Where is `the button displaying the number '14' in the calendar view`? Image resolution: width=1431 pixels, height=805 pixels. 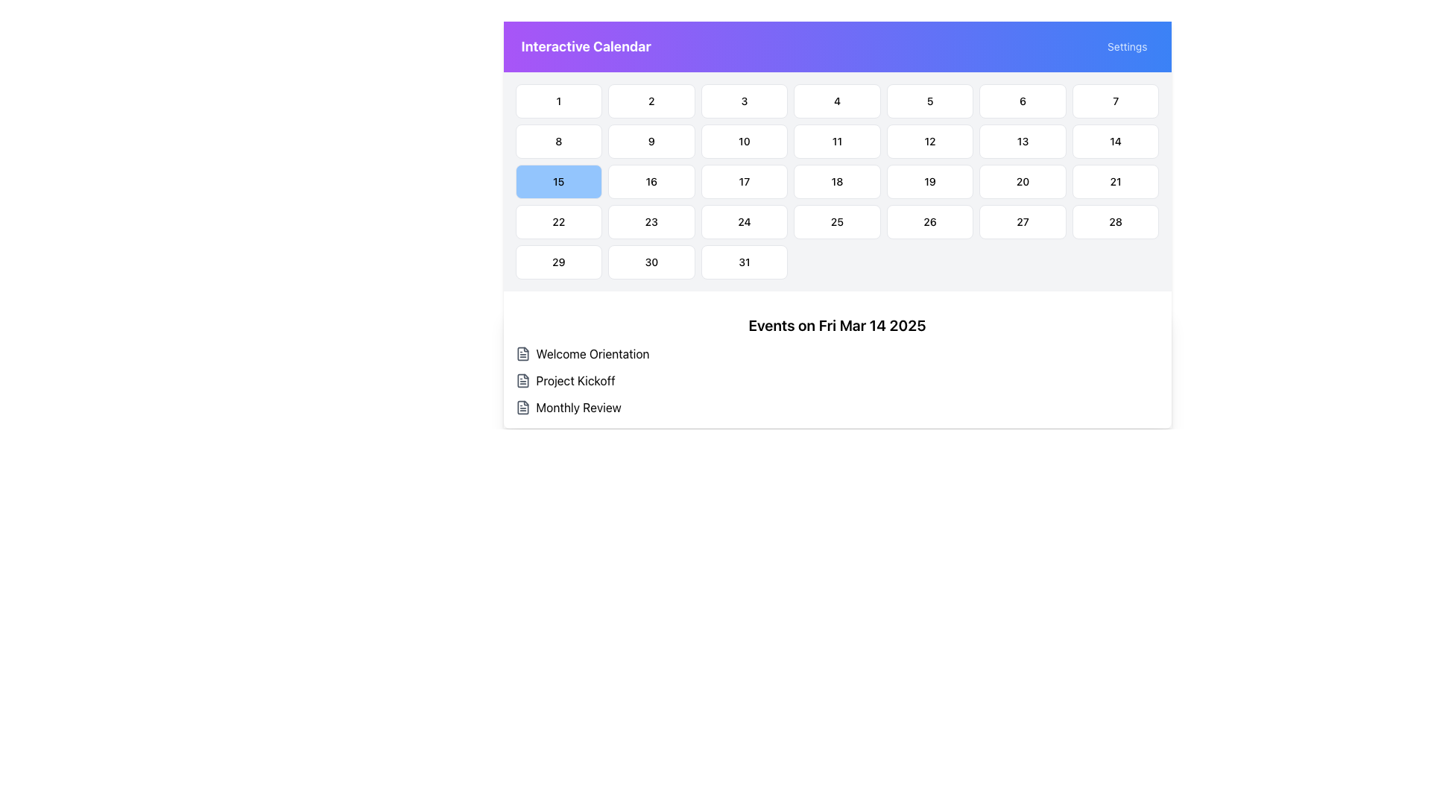 the button displaying the number '14' in the calendar view is located at coordinates (1116, 141).